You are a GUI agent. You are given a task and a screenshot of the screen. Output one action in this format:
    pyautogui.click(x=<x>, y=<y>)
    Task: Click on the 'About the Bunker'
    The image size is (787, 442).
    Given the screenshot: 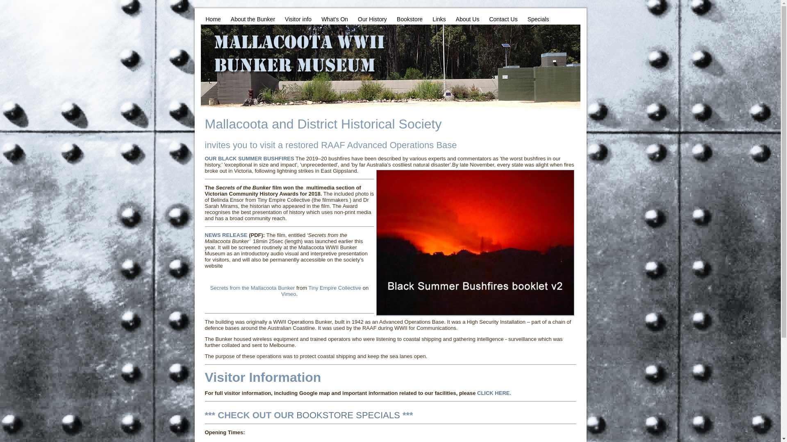 What is the action you would take?
    pyautogui.click(x=252, y=19)
    